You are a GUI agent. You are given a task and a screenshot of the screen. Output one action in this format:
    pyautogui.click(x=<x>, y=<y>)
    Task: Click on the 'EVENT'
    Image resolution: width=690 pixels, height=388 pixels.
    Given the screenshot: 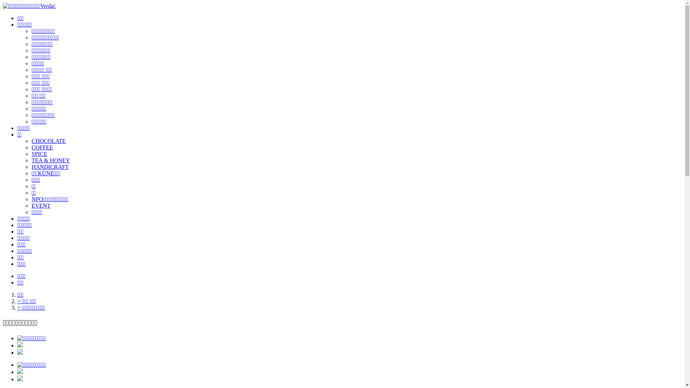 What is the action you would take?
    pyautogui.click(x=41, y=205)
    